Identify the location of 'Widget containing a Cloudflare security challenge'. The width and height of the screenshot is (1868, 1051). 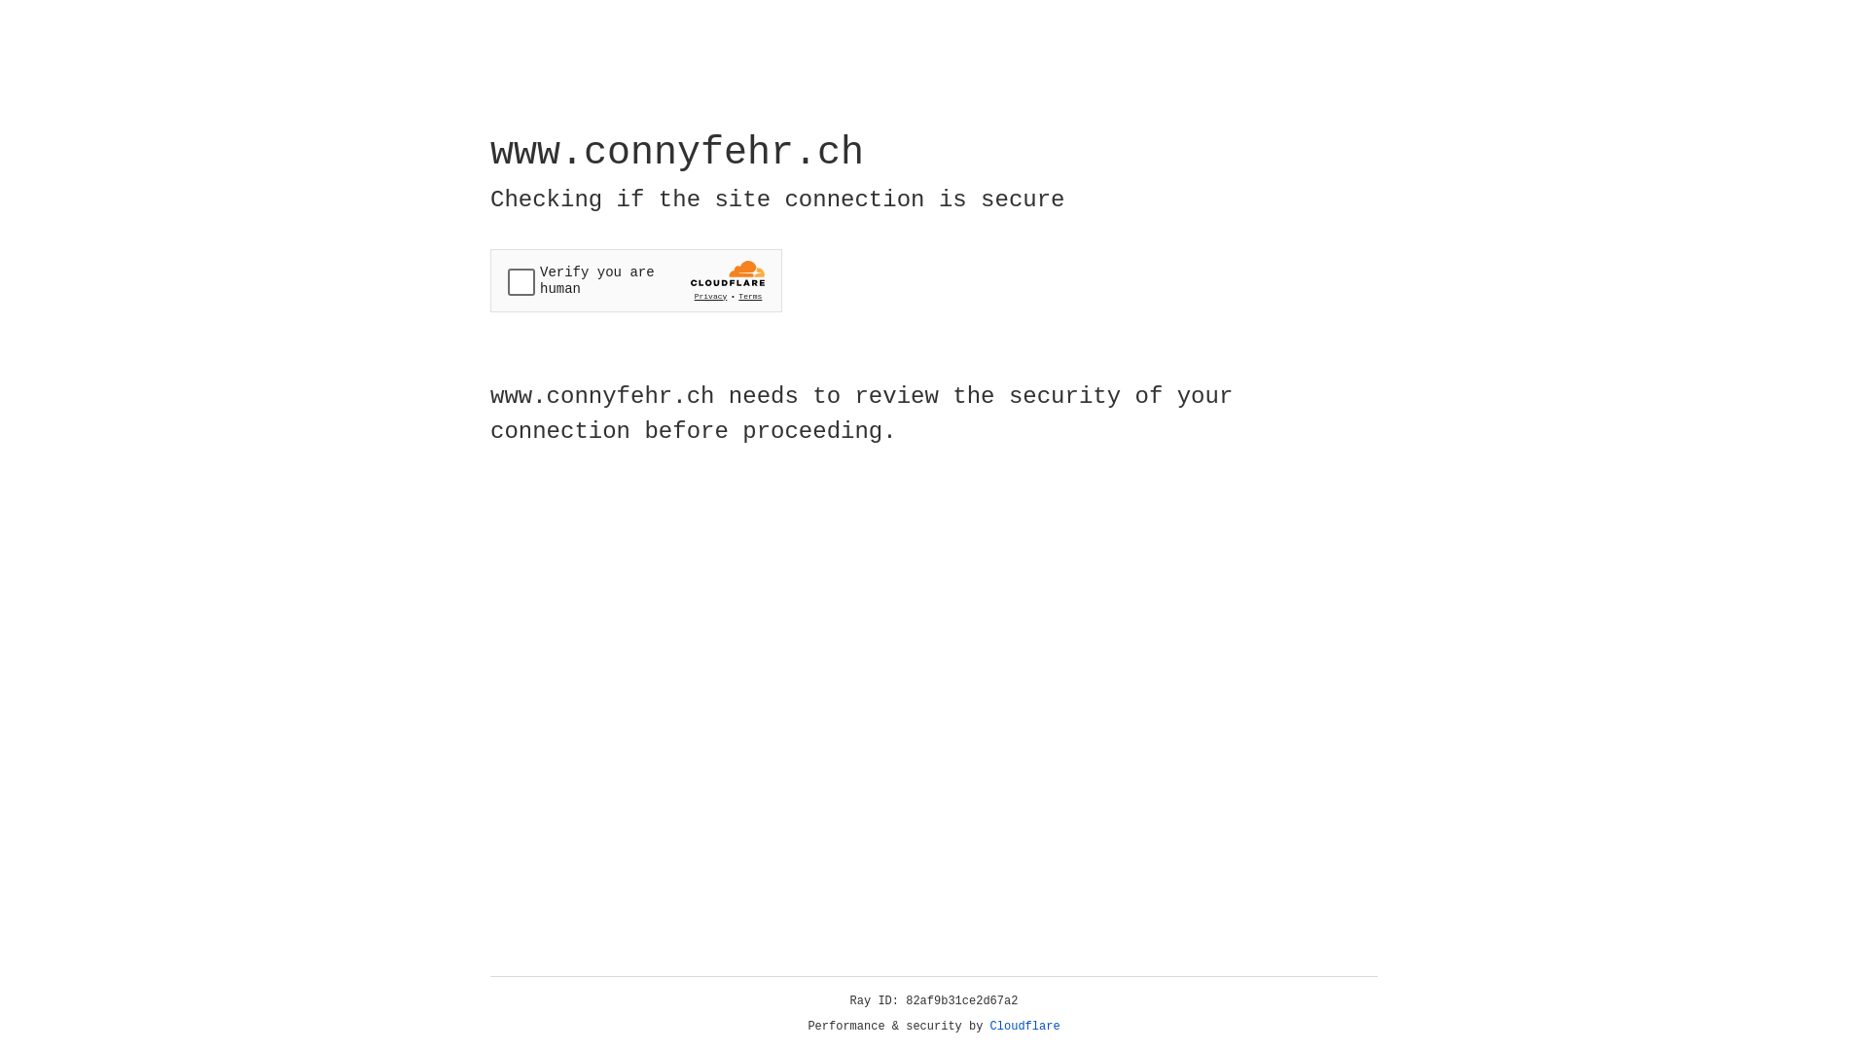
(635, 280).